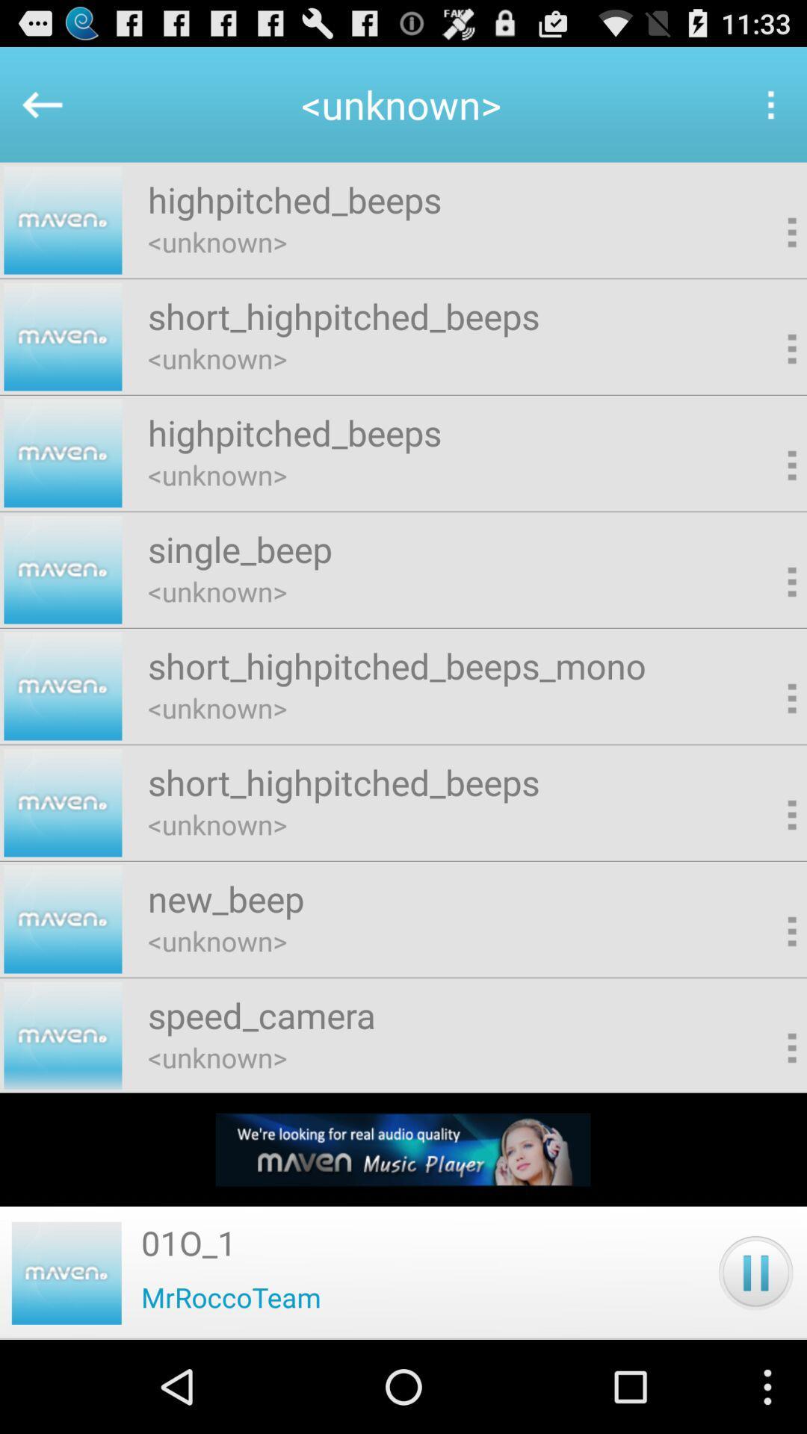  Describe the element at coordinates (770, 111) in the screenshot. I see `the more icon` at that location.